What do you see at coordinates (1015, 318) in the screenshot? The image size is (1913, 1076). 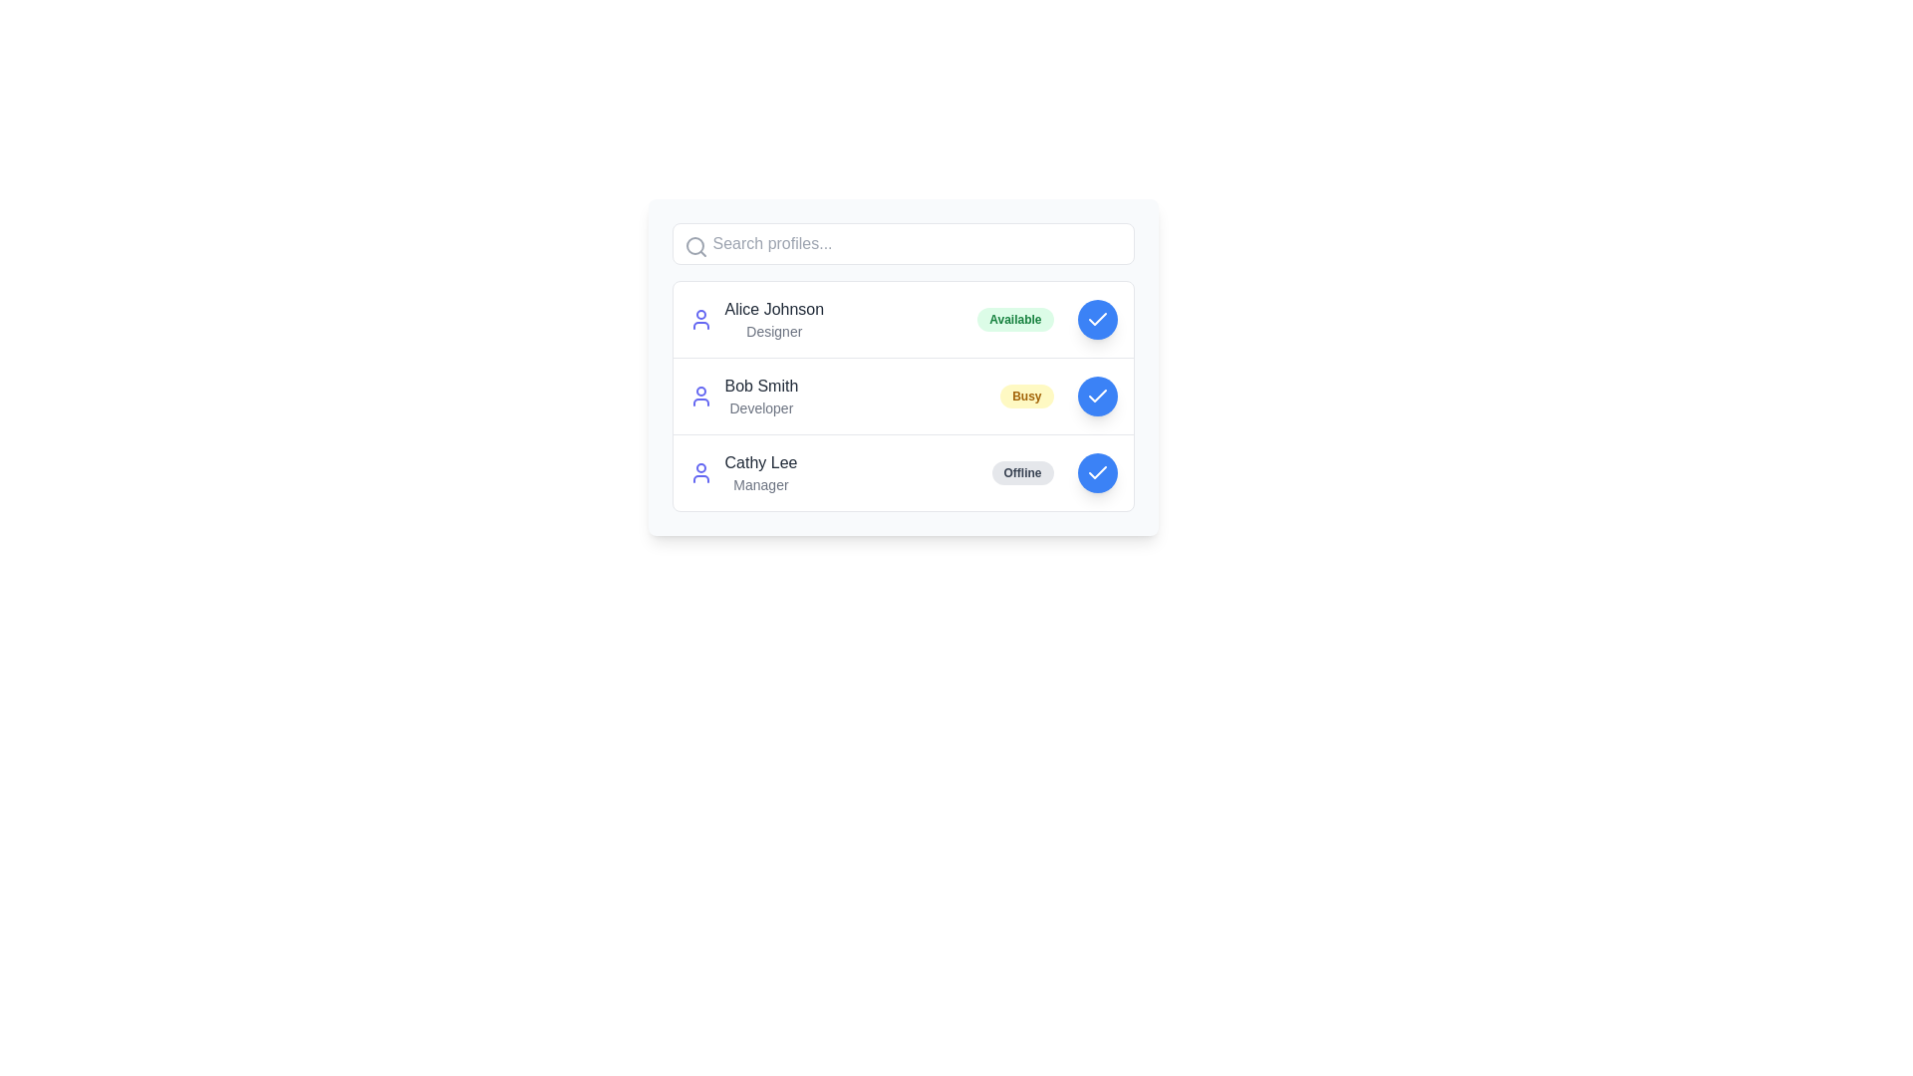 I see `the Status label, which has a green background and displays the text 'Available', located to the right of 'Alice Johnson' and 'Designer'` at bounding box center [1015, 318].